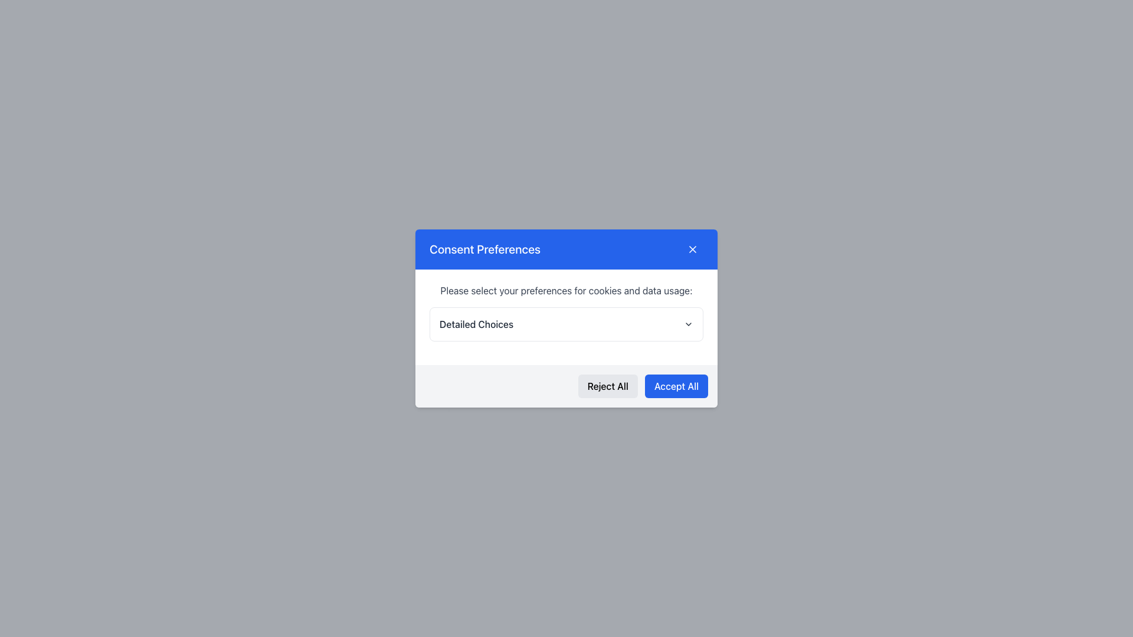 Image resolution: width=1133 pixels, height=637 pixels. I want to click on the 'Reject All' and 'Accept All' buttons in the button group located at the bottom of the 'Consent Preferences' dialog box, so click(566, 386).